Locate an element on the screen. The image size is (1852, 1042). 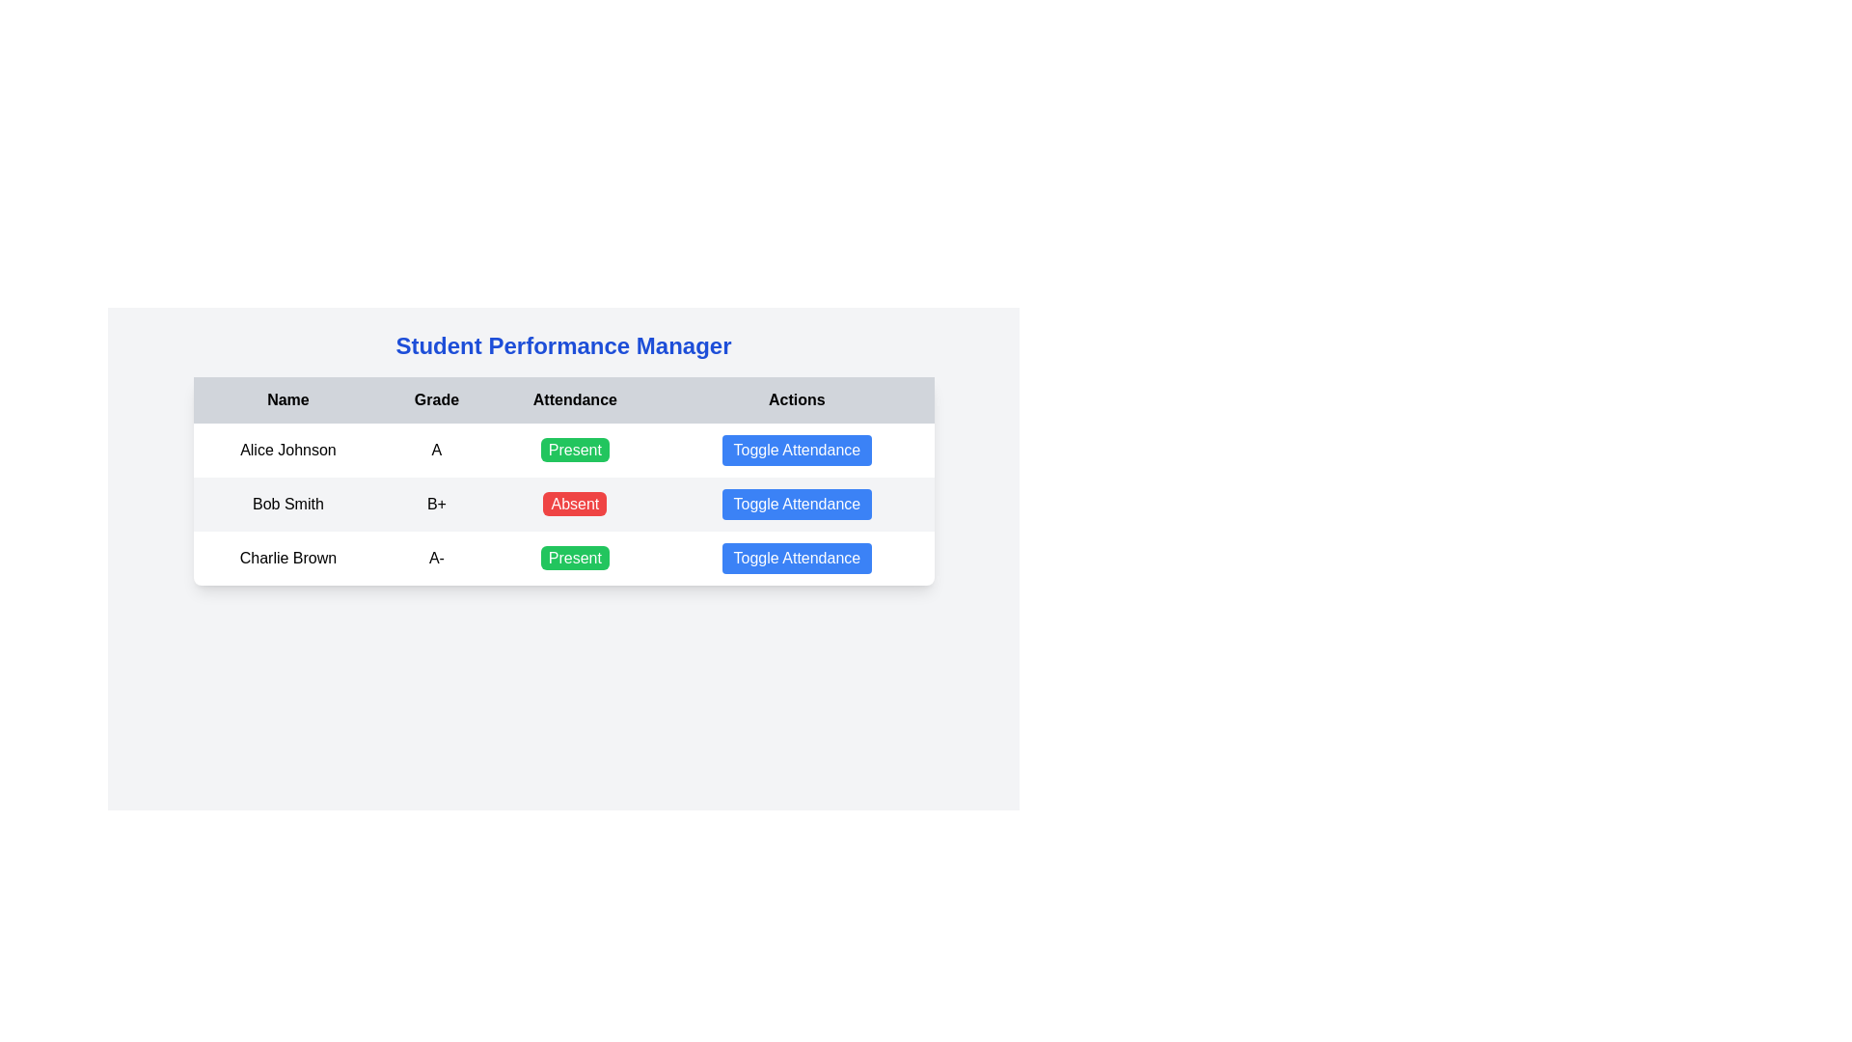
the text label displaying 'Alice Johnson', which is the first element in the 'Name' column of the table, identifying a person's record is located at coordinates (286, 450).